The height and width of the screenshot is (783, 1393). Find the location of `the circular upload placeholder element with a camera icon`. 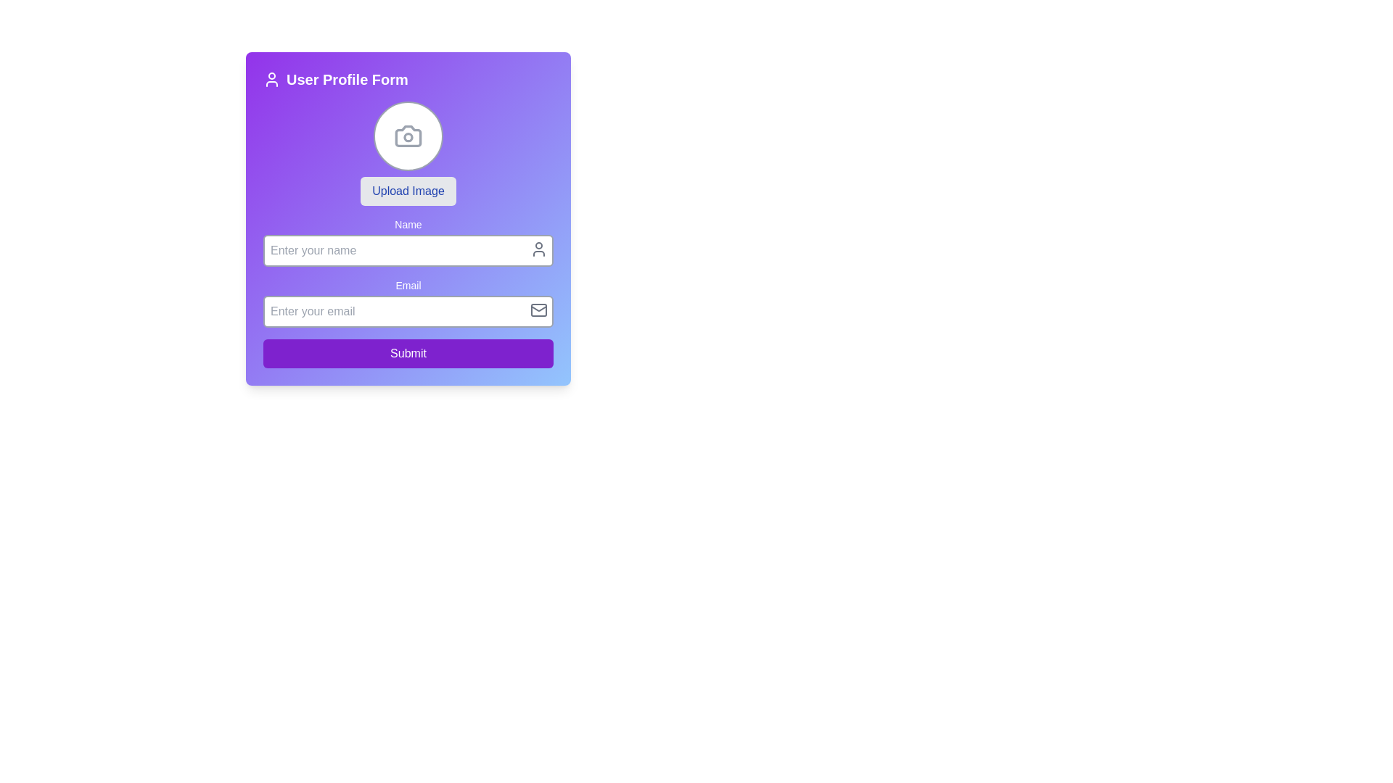

the circular upload placeholder element with a camera icon is located at coordinates (407, 136).